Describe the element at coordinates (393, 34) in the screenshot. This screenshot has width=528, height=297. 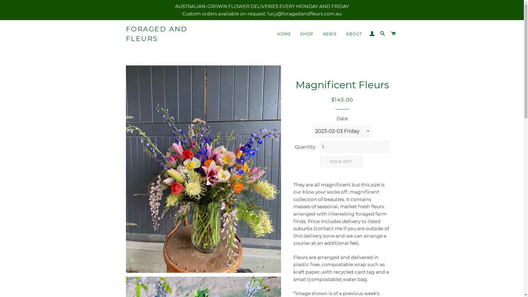
I see `'CART'` at that location.